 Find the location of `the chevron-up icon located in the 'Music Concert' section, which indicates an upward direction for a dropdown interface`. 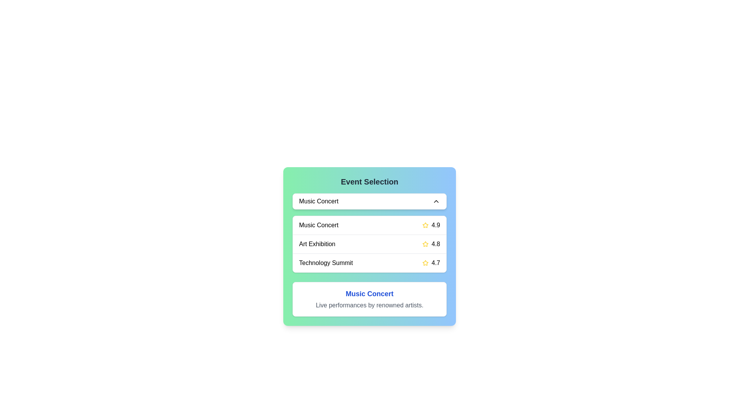

the chevron-up icon located in the 'Music Concert' section, which indicates an upward direction for a dropdown interface is located at coordinates (436, 201).